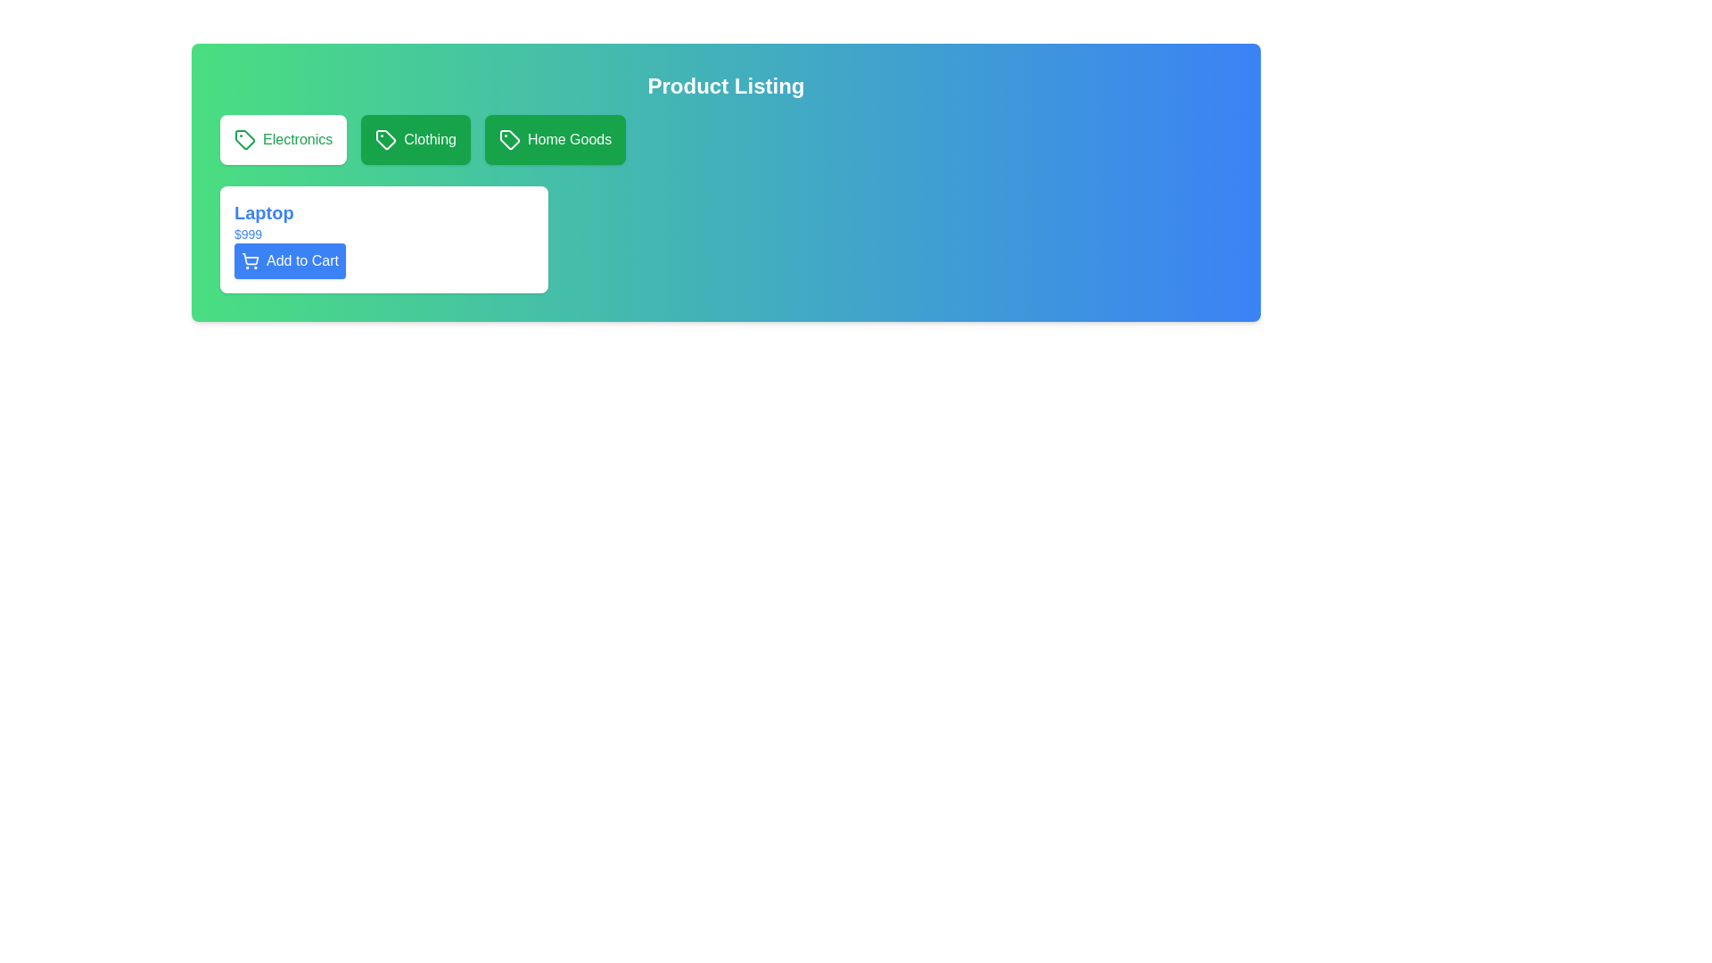 The width and height of the screenshot is (1712, 963). Describe the element at coordinates (247, 233) in the screenshot. I see `the price text label located beneath the 'Laptop' title and above the 'Add to Cart' button within the product details card` at that location.